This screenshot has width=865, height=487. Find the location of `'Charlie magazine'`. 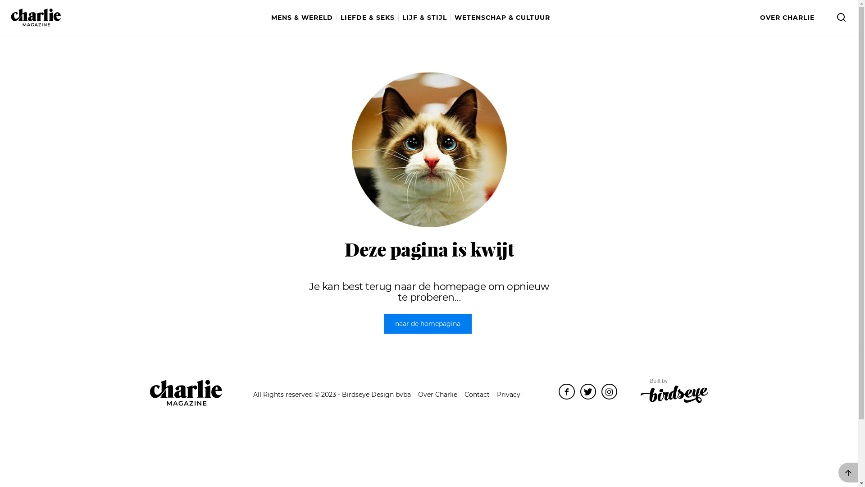

'Charlie magazine' is located at coordinates (36, 17).